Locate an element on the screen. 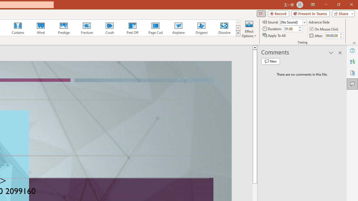 This screenshot has height=201, width=358. 'Close' is located at coordinates (351, 4).